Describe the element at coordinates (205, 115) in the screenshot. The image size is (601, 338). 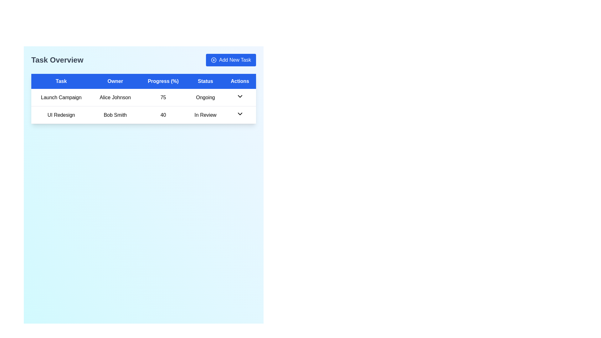
I see `text displayed in the status label of the task 'UI Redesign' owned by 'Bob Smith', which shows 'In Review'` at that location.